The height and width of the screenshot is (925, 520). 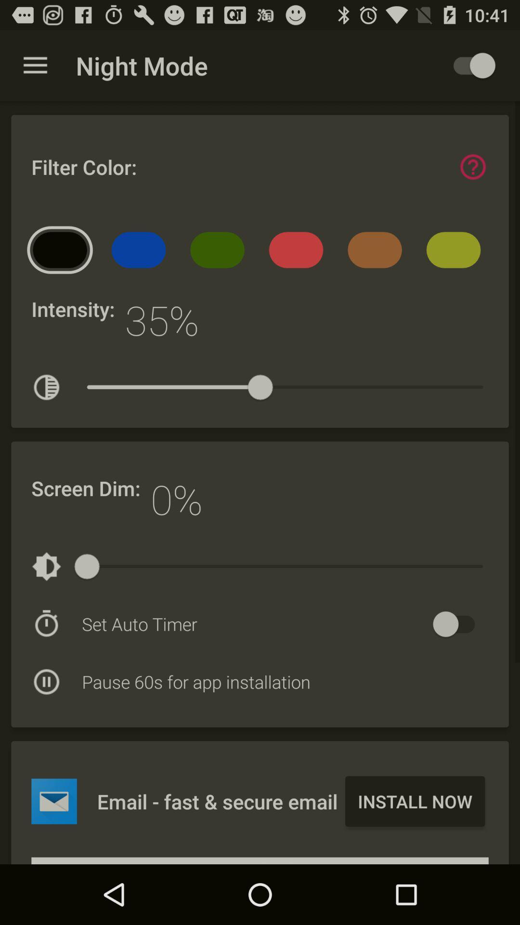 I want to click on toggle, so click(x=469, y=65).